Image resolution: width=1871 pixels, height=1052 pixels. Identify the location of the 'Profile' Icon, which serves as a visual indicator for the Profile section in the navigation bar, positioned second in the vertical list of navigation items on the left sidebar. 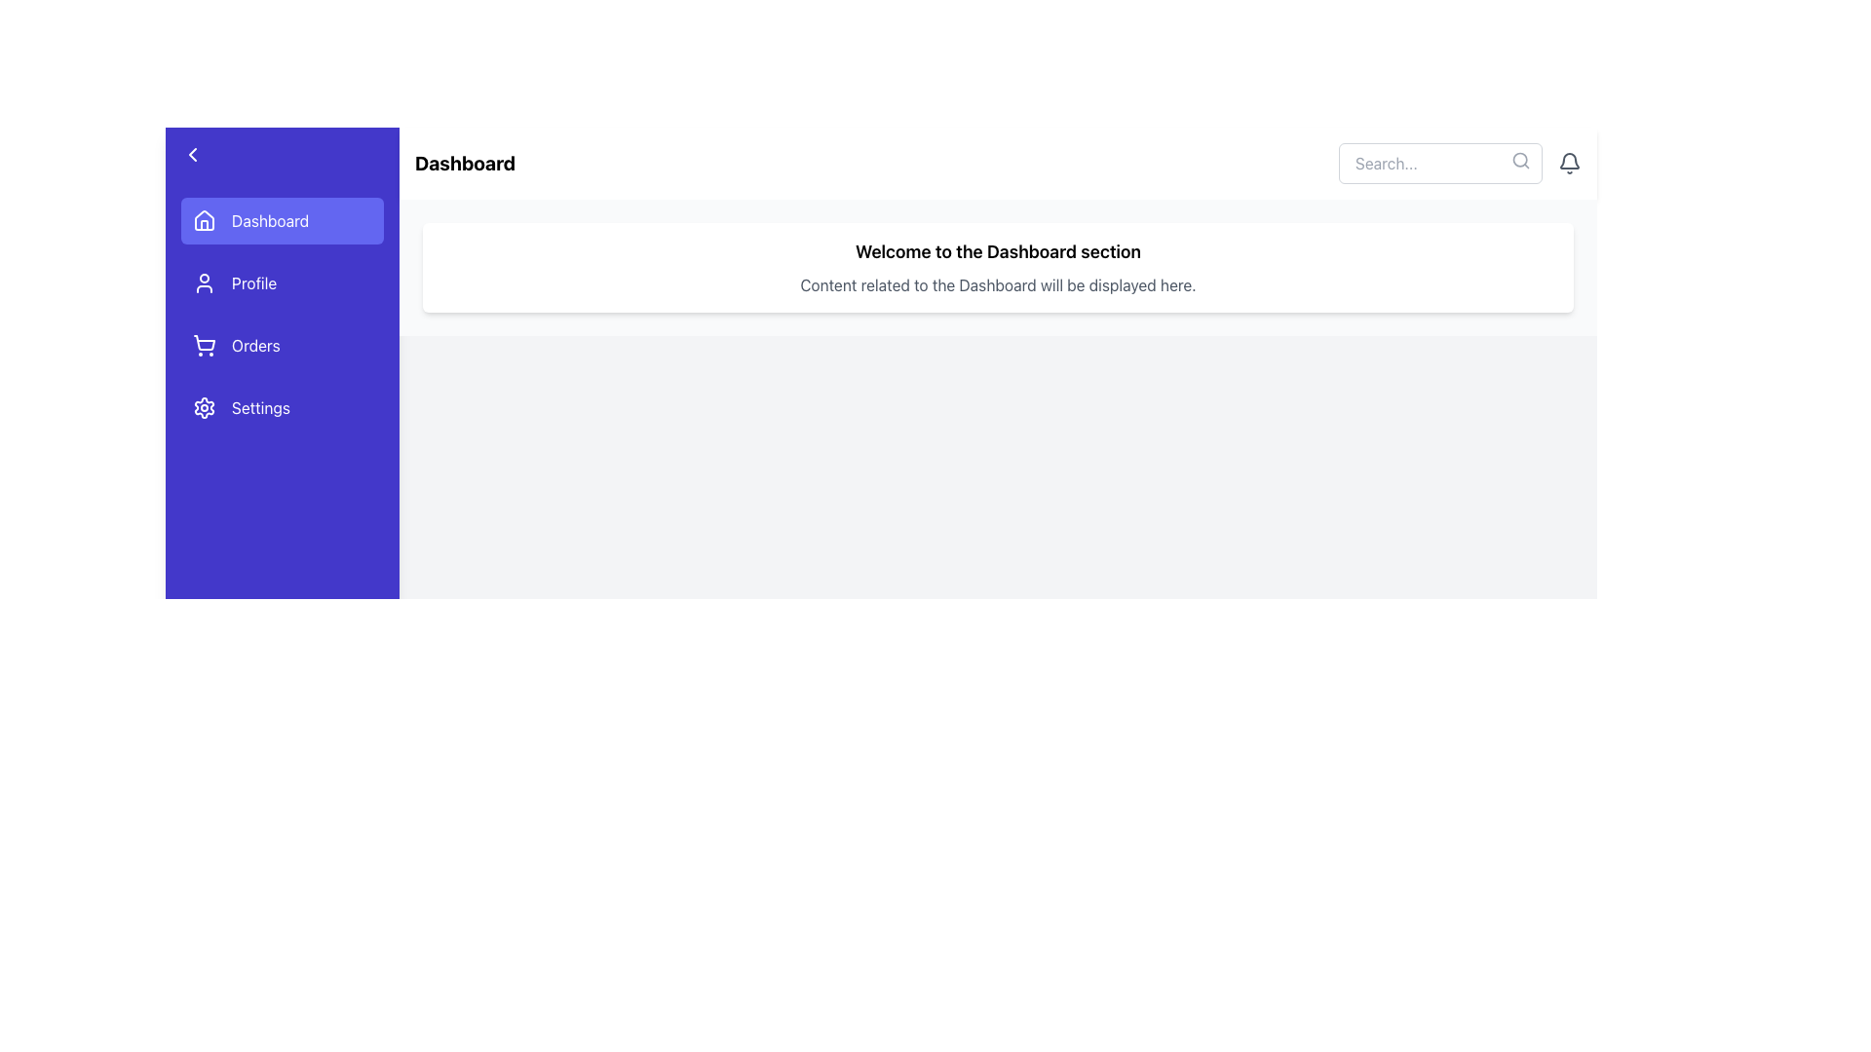
(205, 282).